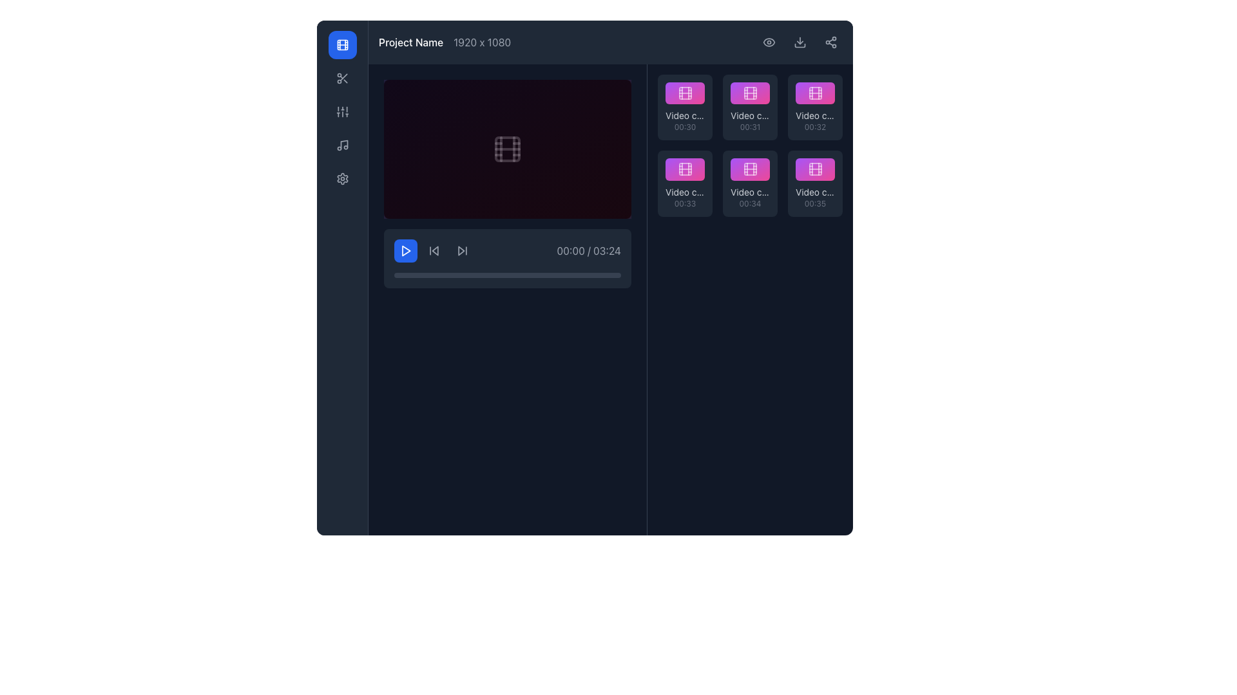  I want to click on the circular button with an eye icon in the top-right corner of the interface, so click(769, 41).